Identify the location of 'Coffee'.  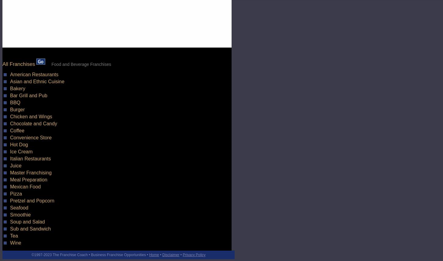
(17, 130).